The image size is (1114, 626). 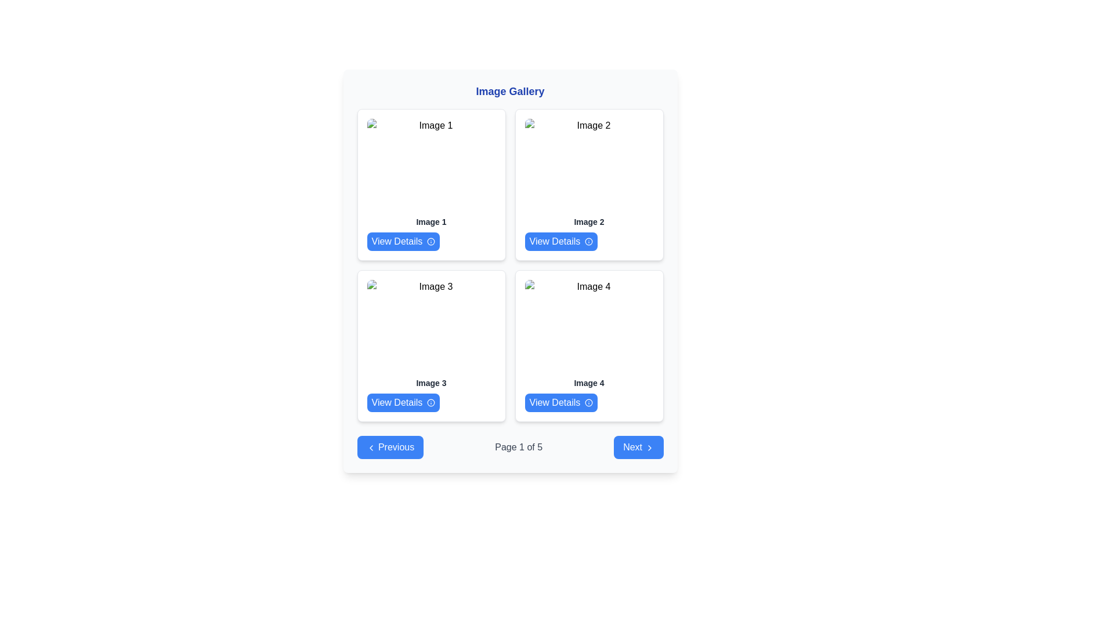 I want to click on the image in the first column of the second row of the 2x2 grid to enlarge it, so click(x=431, y=326).